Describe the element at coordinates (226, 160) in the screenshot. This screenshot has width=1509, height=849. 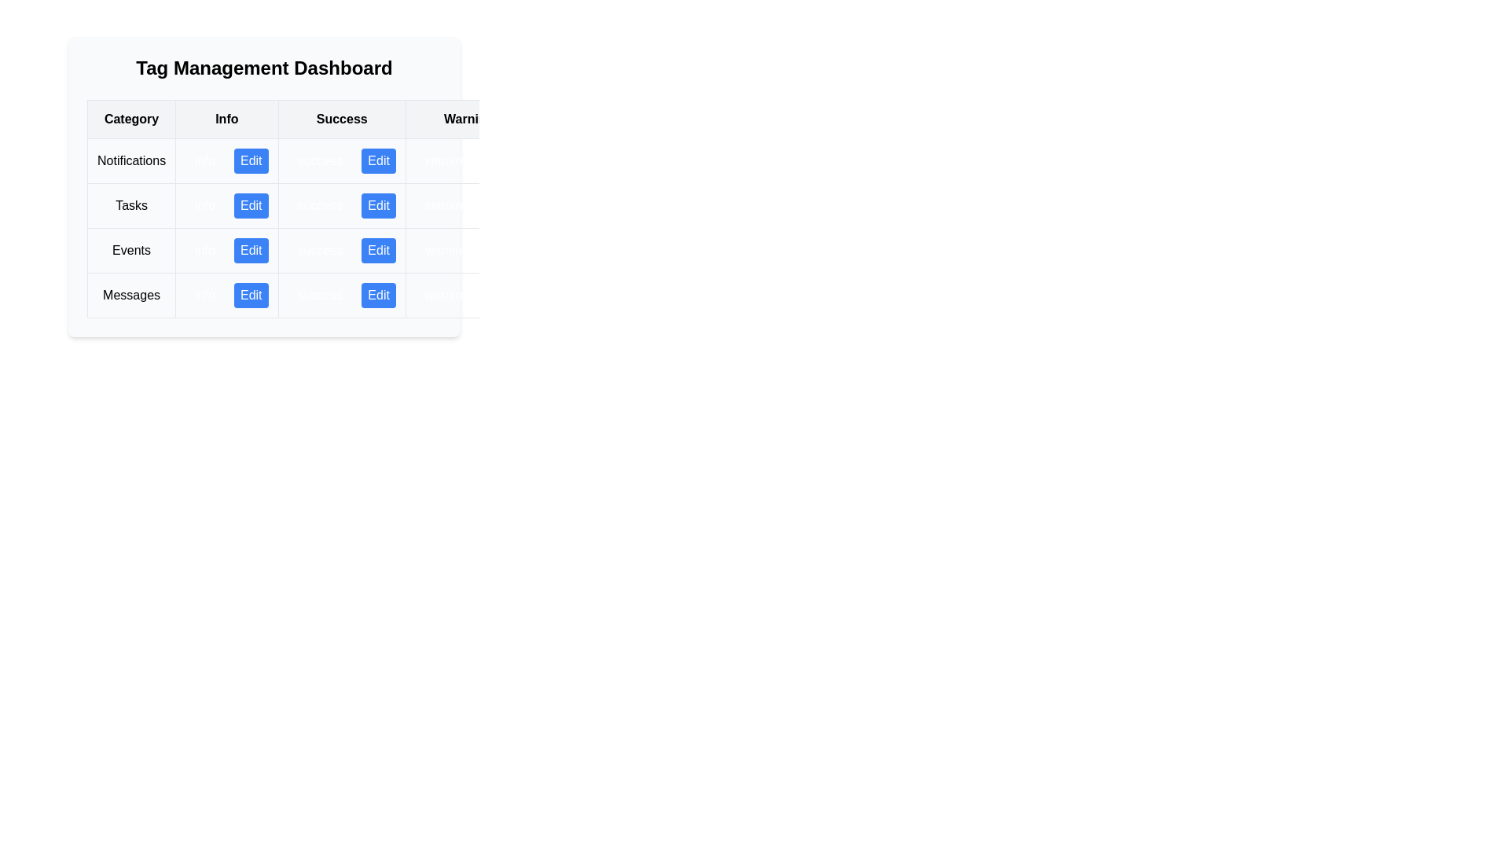
I see `the 'Edit' button in the 'Tag Management Dashboard' interface, which is visually represented as a button with a blue background and white text, located next to the 'info' label` at that location.